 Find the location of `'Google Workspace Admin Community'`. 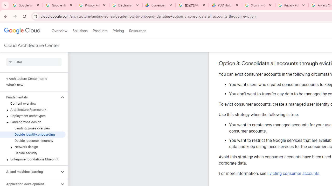

'Google Workspace Admin Community' is located at coordinates (26, 5).